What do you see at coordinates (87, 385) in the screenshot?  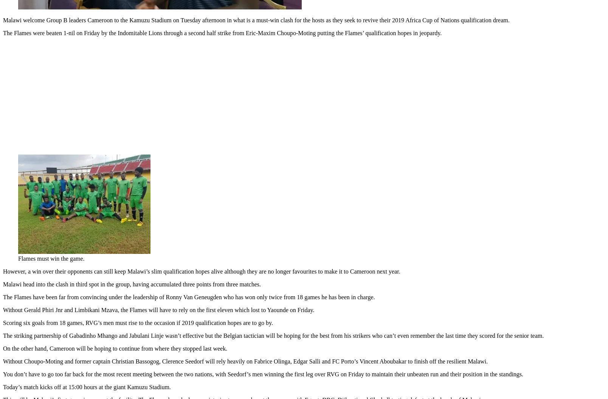 I see `'Today’s match kicks off at 15:00 hours at the giant Kamuzu Stadium.'` at bounding box center [87, 385].